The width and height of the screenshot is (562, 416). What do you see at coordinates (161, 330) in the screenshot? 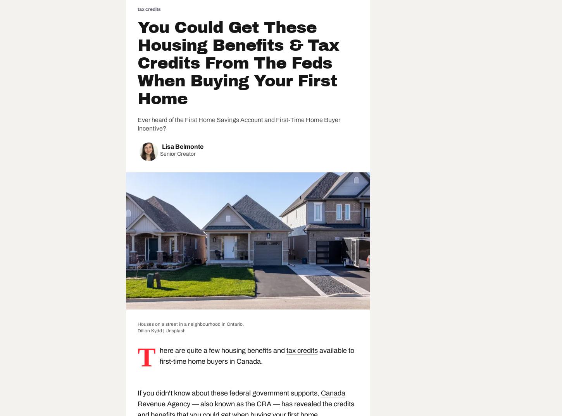
I see `'Dillon Kydd | Unsplash'` at bounding box center [161, 330].